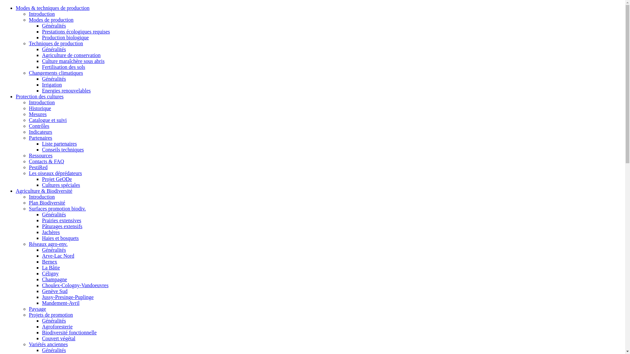  I want to click on 'Ressources', so click(40, 155).